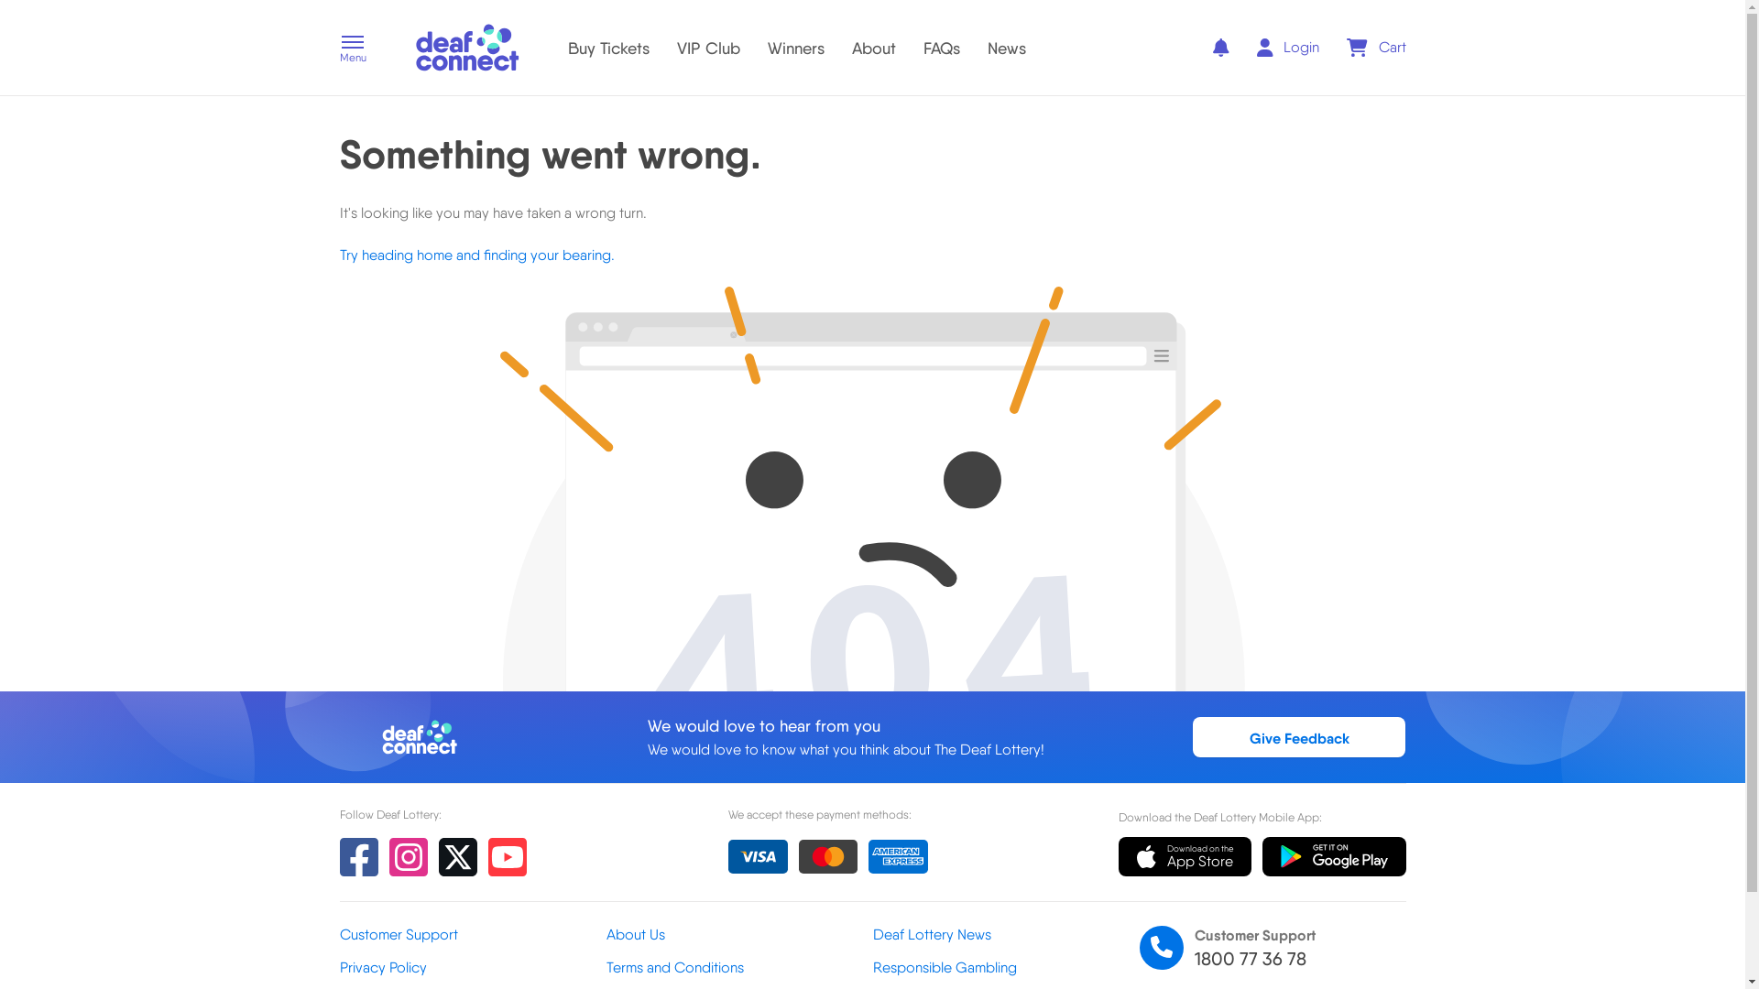 This screenshot has width=1759, height=989. I want to click on 'Give Feedback', so click(1298, 736).